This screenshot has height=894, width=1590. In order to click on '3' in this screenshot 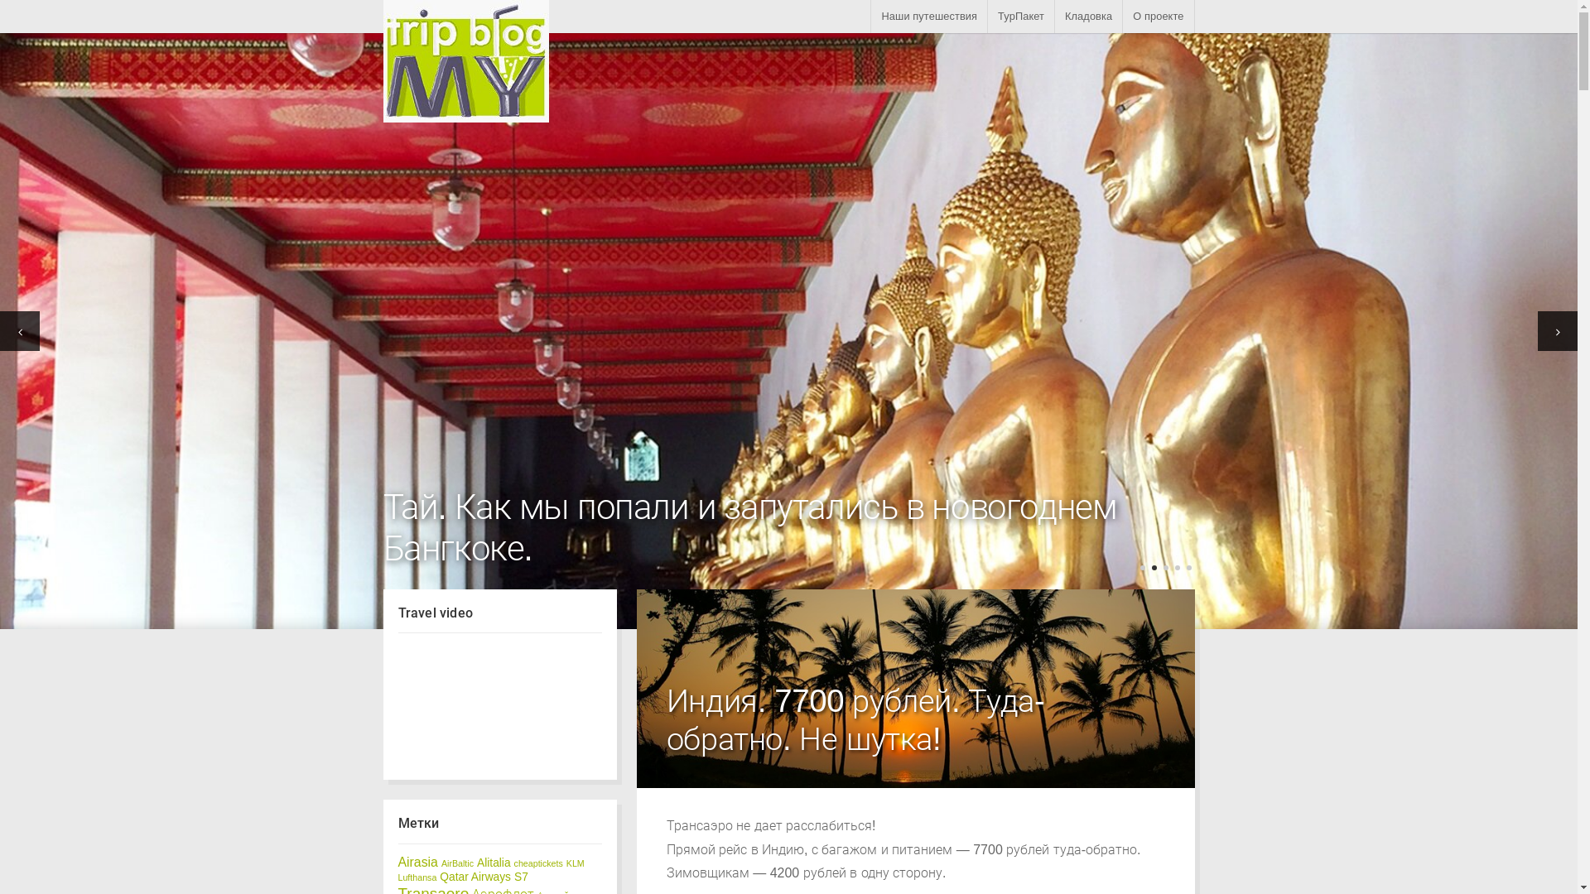, I will do `click(1164, 567)`.